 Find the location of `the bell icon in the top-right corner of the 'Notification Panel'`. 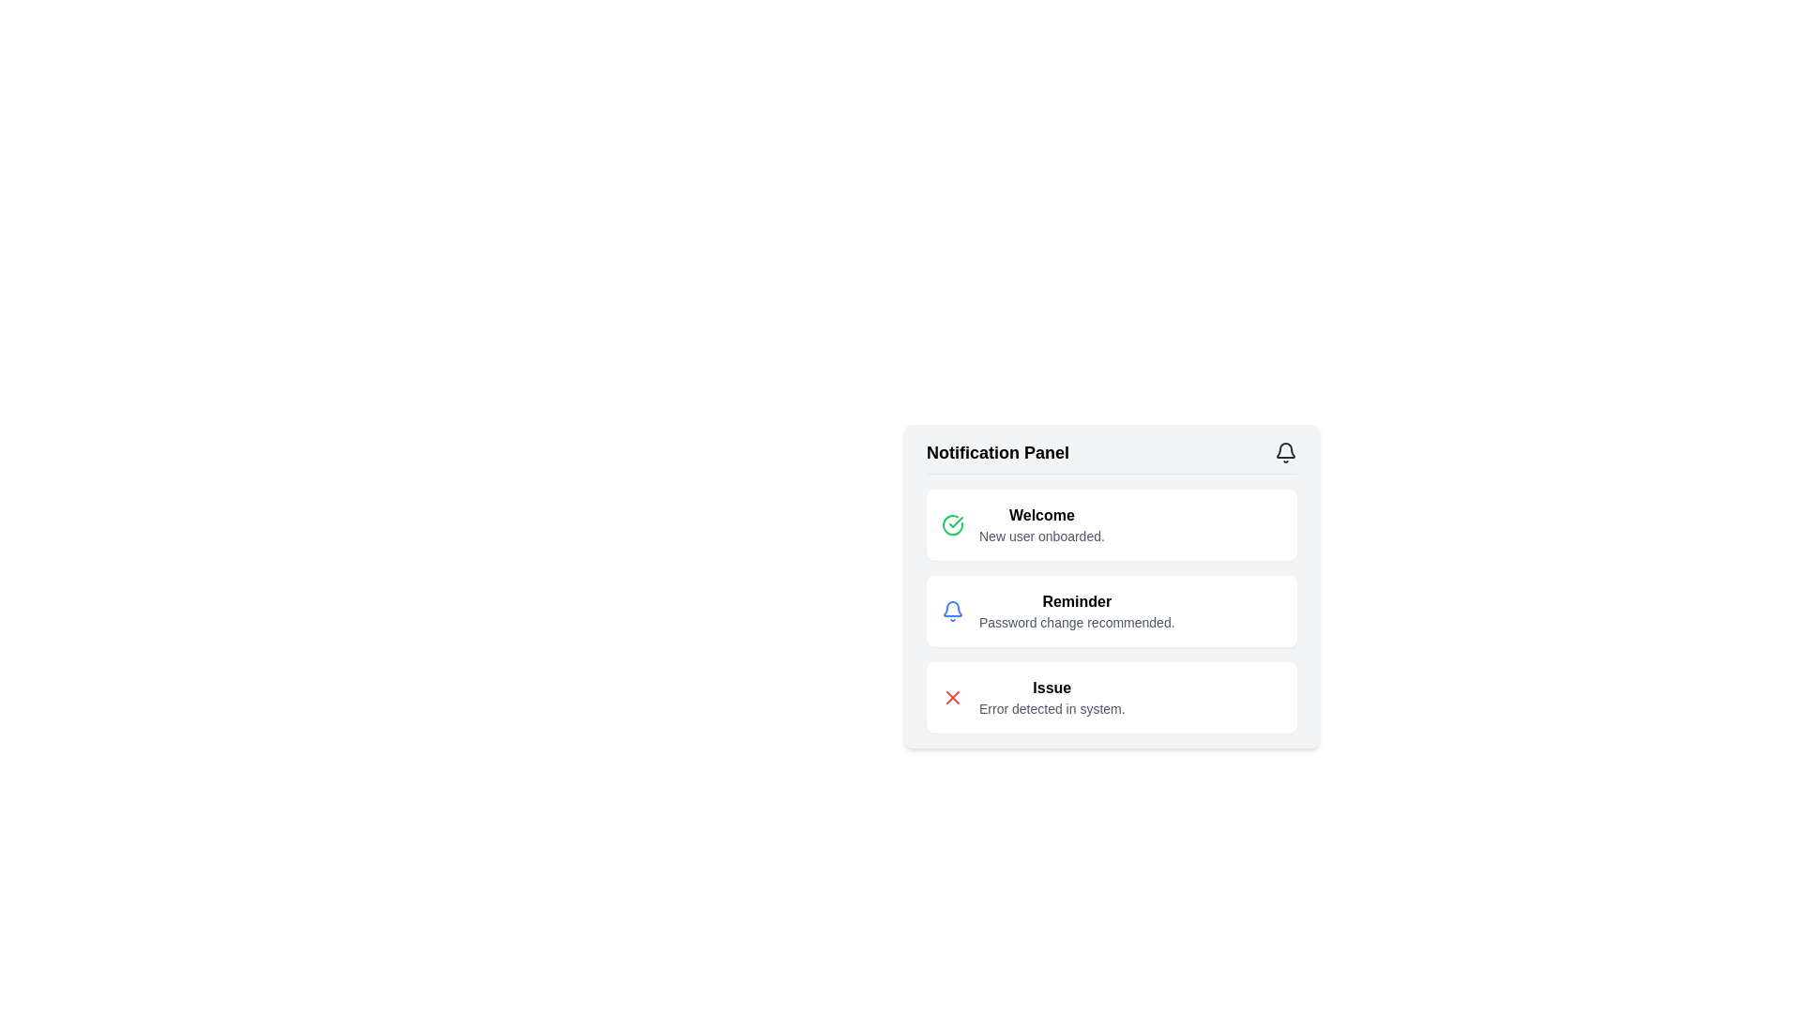

the bell icon in the top-right corner of the 'Notification Panel' is located at coordinates (1285, 452).